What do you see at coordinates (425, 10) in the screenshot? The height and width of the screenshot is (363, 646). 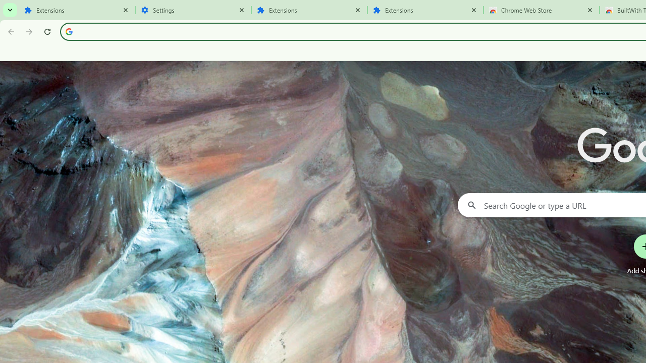 I see `'Extensions'` at bounding box center [425, 10].